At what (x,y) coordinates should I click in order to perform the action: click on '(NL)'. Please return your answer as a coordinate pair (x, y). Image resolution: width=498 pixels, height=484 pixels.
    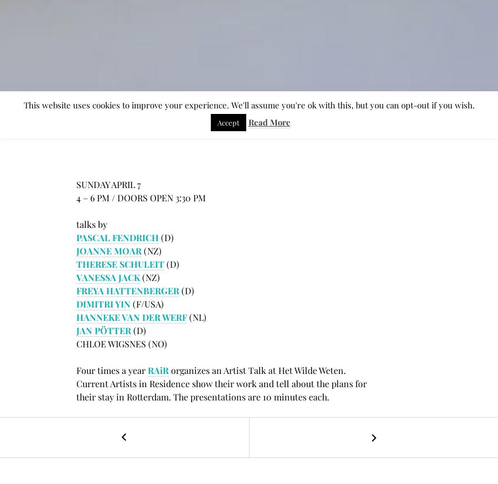
    Looking at the image, I should click on (196, 317).